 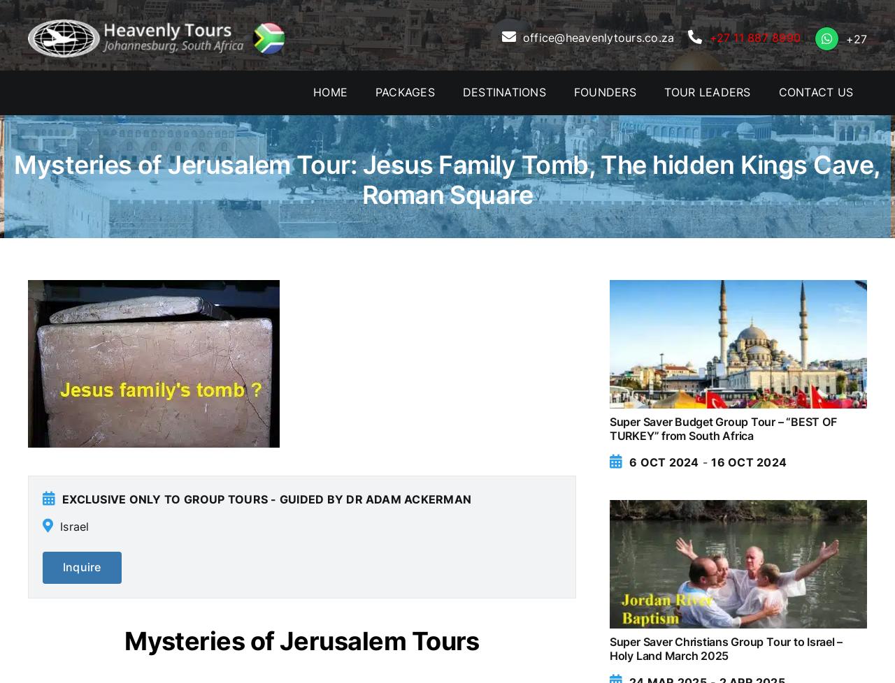 What do you see at coordinates (705, 462) in the screenshot?
I see `'-'` at bounding box center [705, 462].